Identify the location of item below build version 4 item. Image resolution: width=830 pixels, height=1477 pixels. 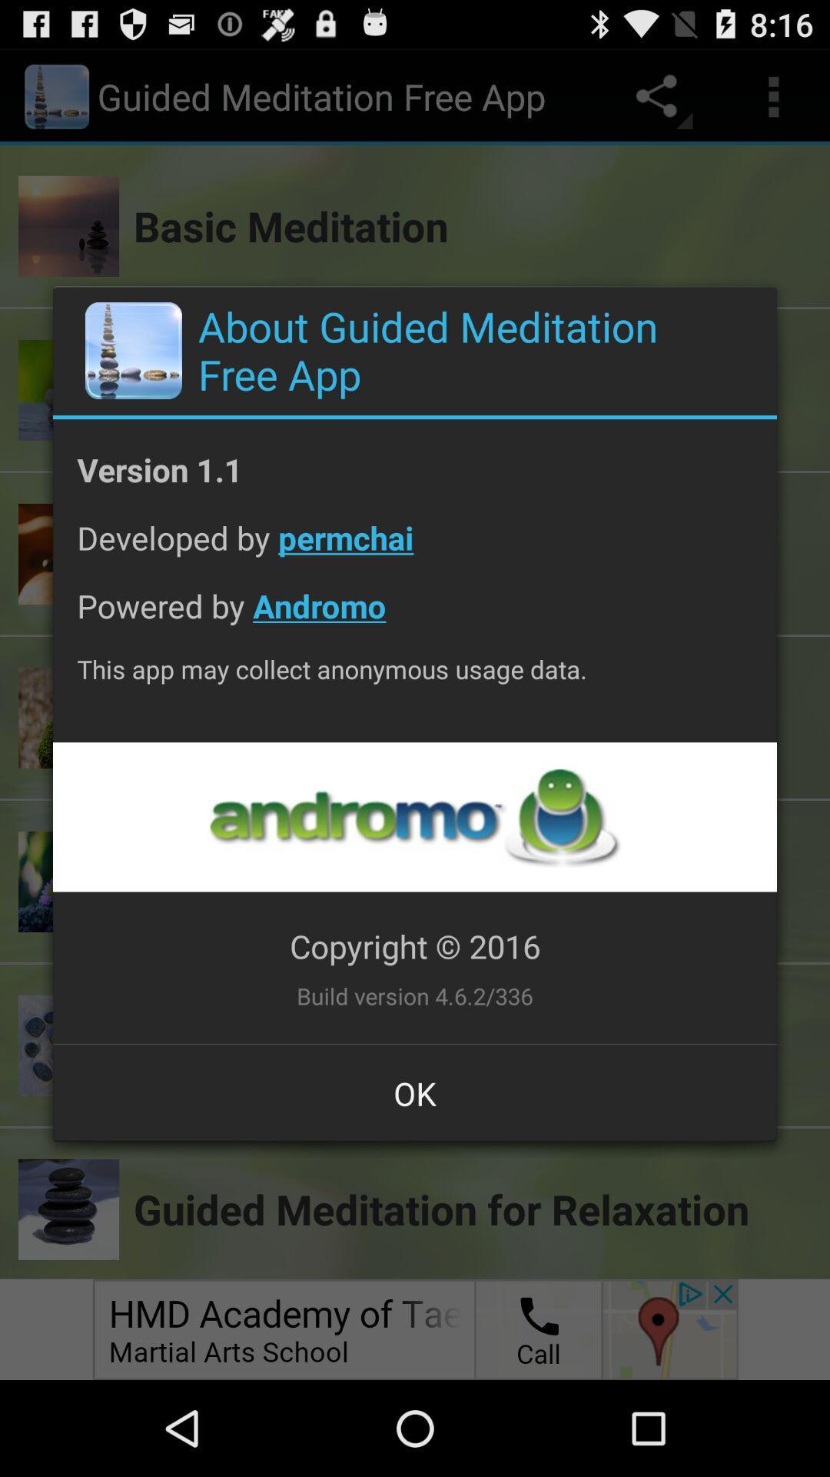
(415, 1092).